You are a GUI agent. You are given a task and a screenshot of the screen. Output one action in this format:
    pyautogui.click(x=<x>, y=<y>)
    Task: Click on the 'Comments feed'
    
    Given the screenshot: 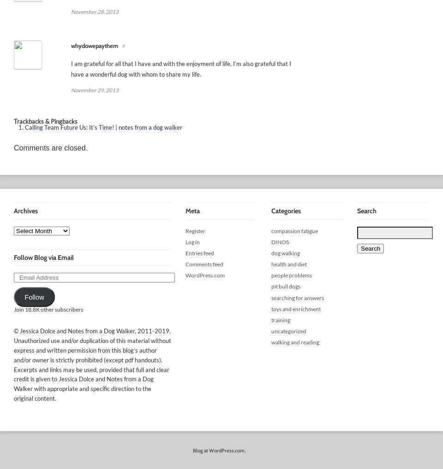 What is the action you would take?
    pyautogui.click(x=204, y=264)
    